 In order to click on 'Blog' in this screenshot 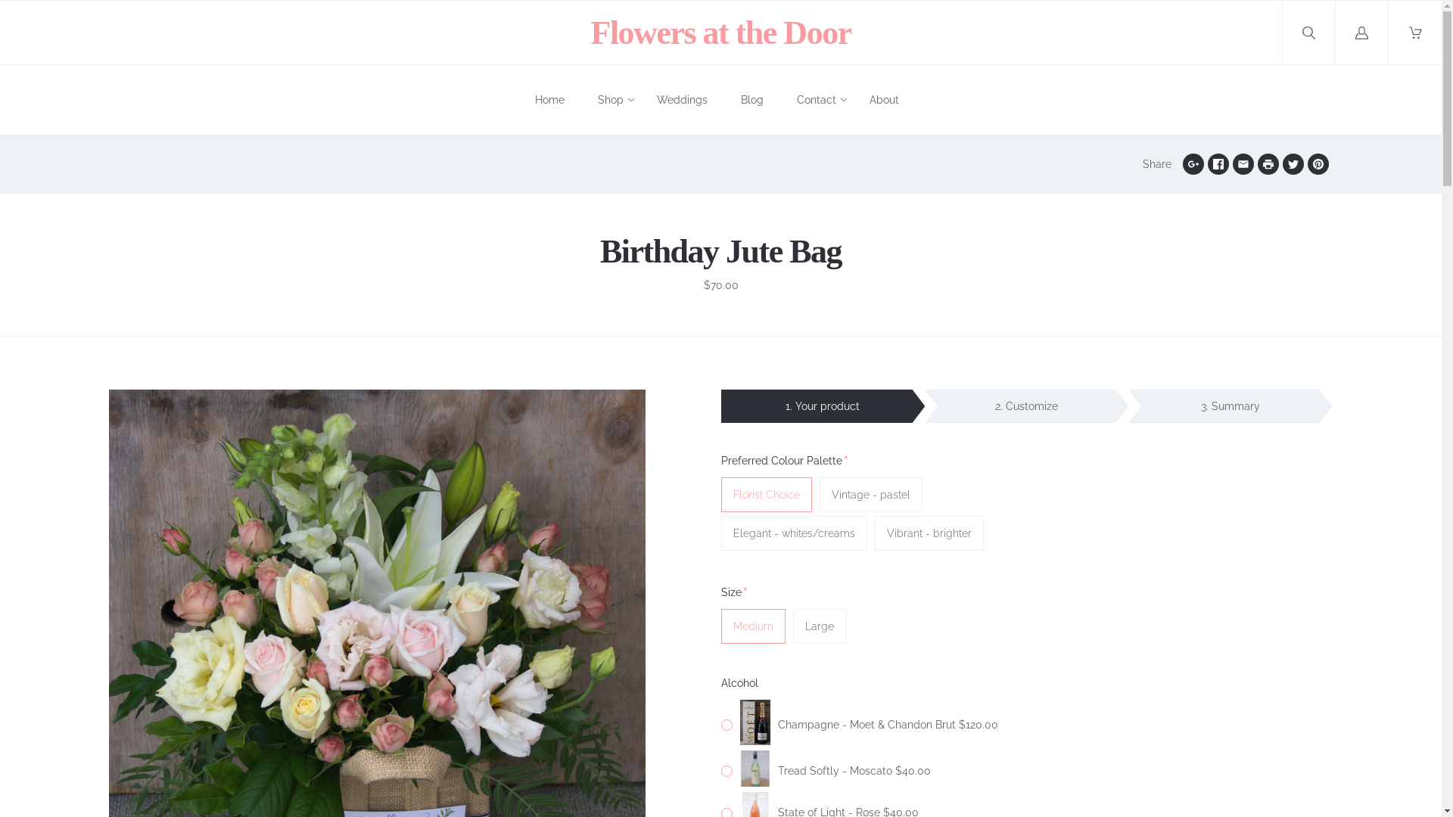, I will do `click(751, 100)`.